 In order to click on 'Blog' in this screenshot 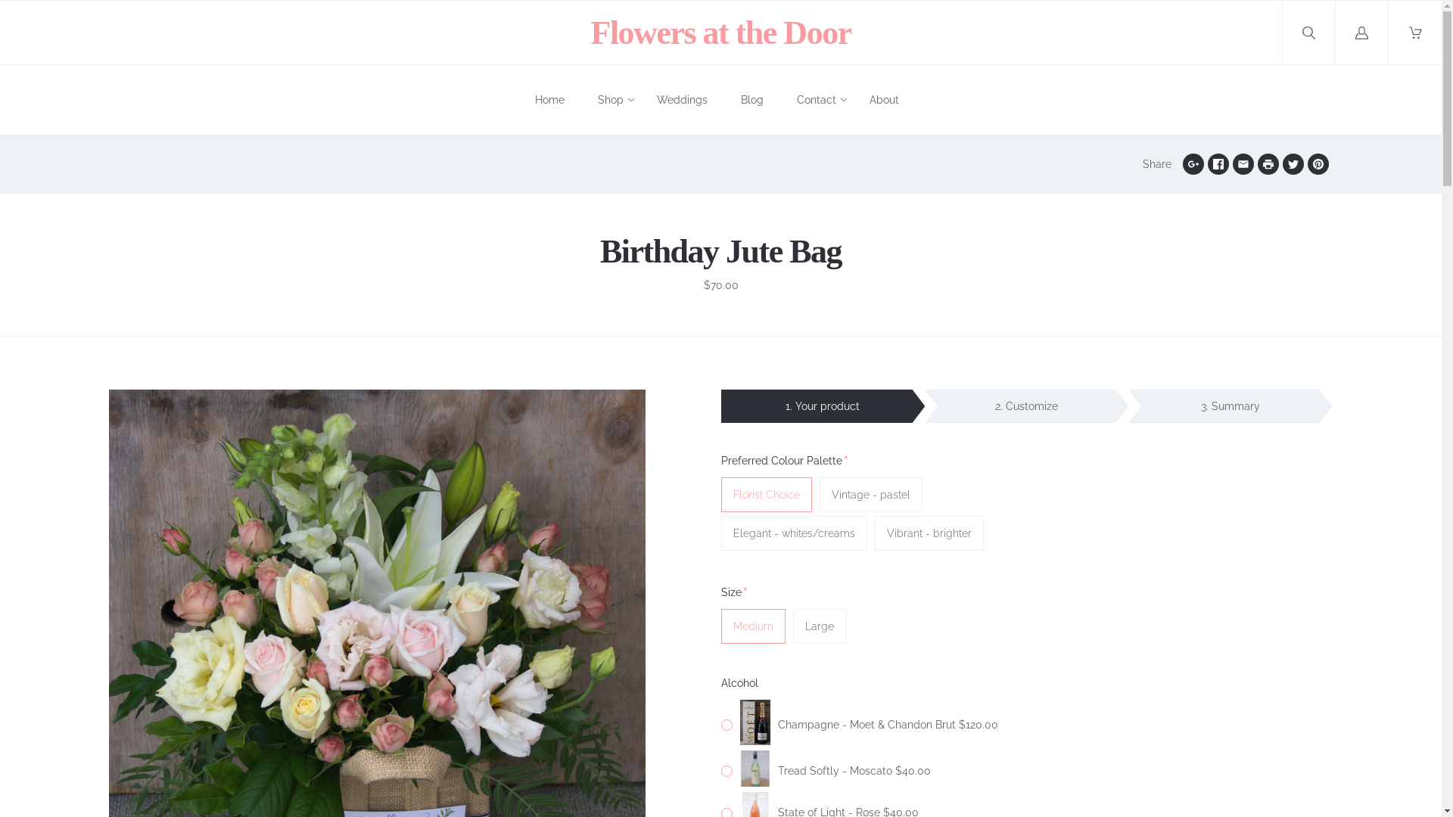, I will do `click(751, 100)`.